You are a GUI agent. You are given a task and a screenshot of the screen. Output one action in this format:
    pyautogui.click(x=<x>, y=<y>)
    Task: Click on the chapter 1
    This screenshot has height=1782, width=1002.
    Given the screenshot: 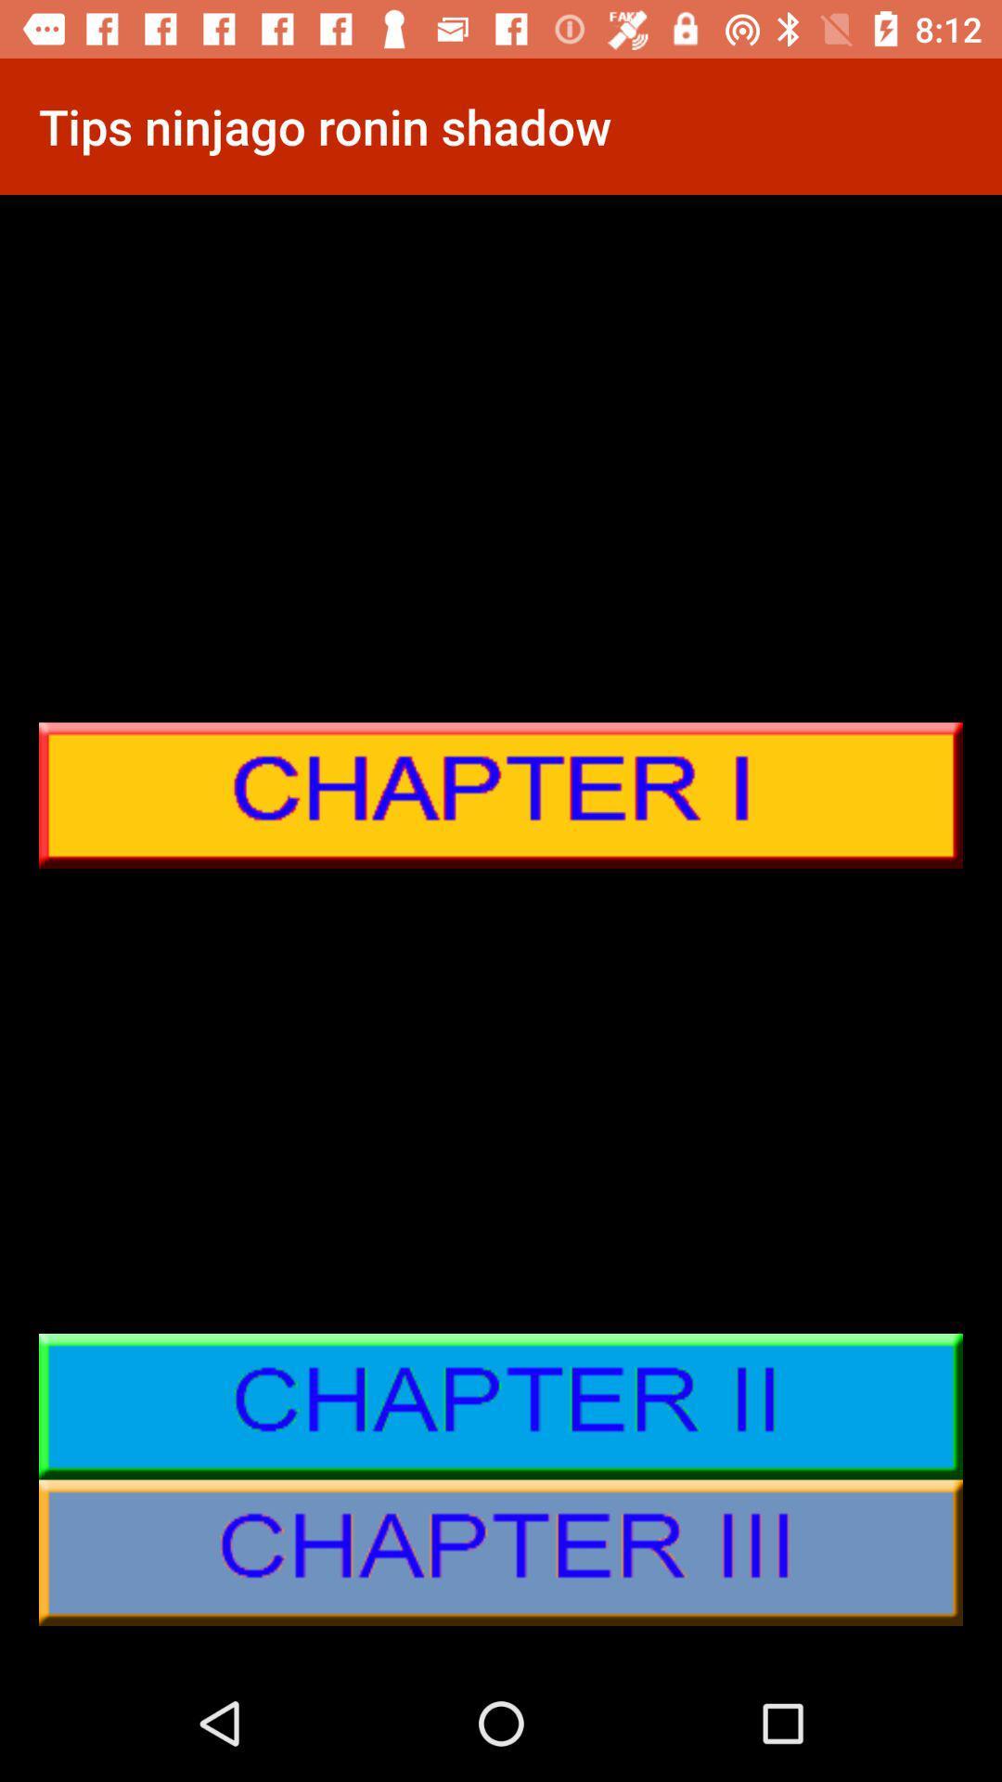 What is the action you would take?
    pyautogui.click(x=501, y=795)
    